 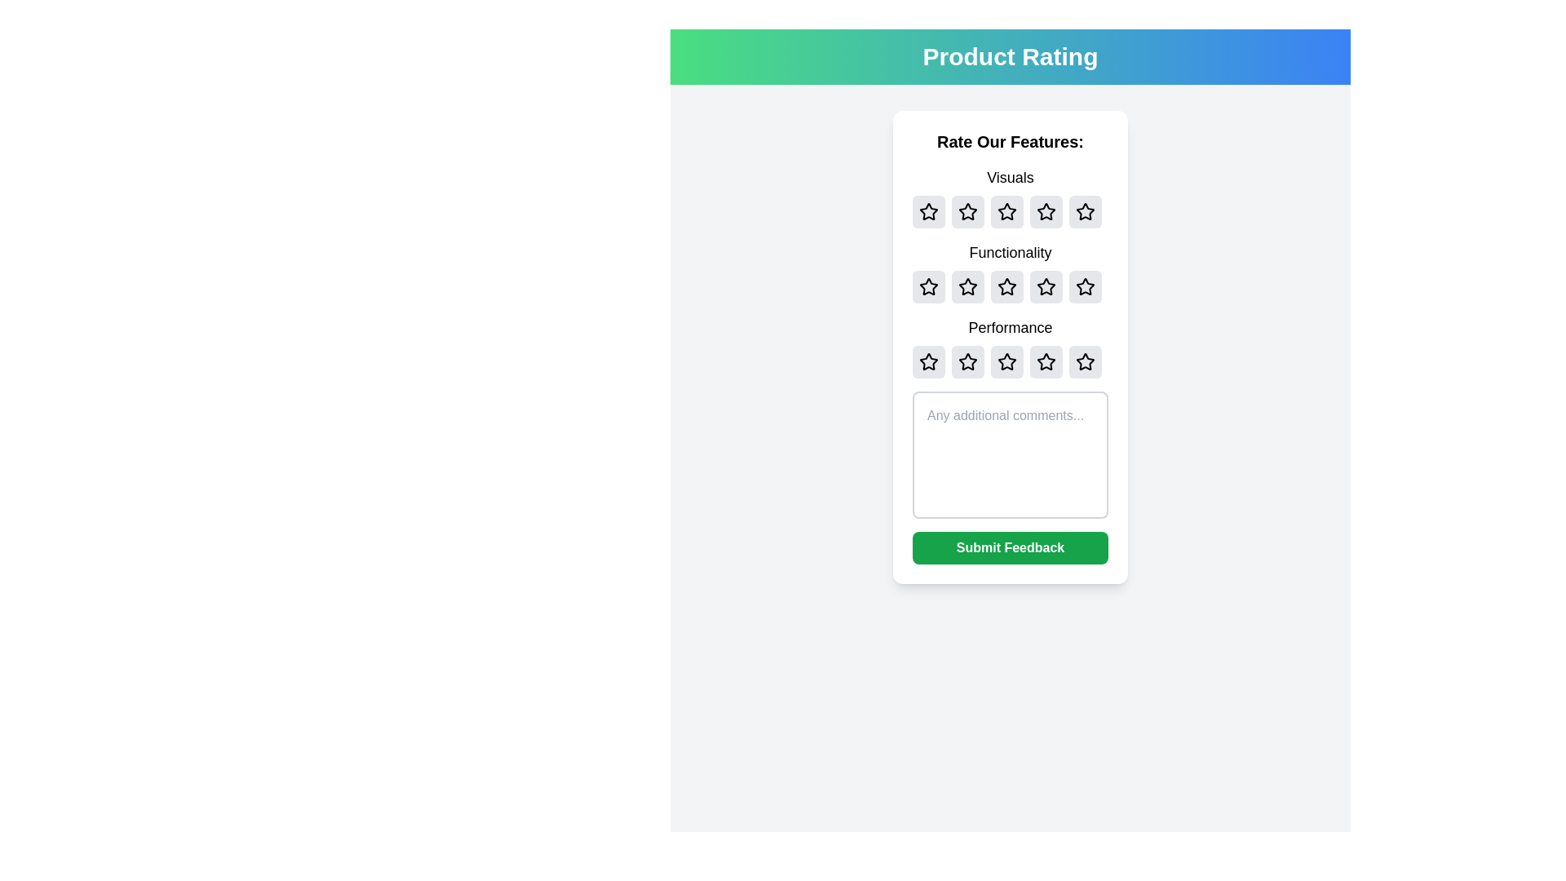 I want to click on the third star icon under the 'Performance' category, so click(x=1006, y=361).